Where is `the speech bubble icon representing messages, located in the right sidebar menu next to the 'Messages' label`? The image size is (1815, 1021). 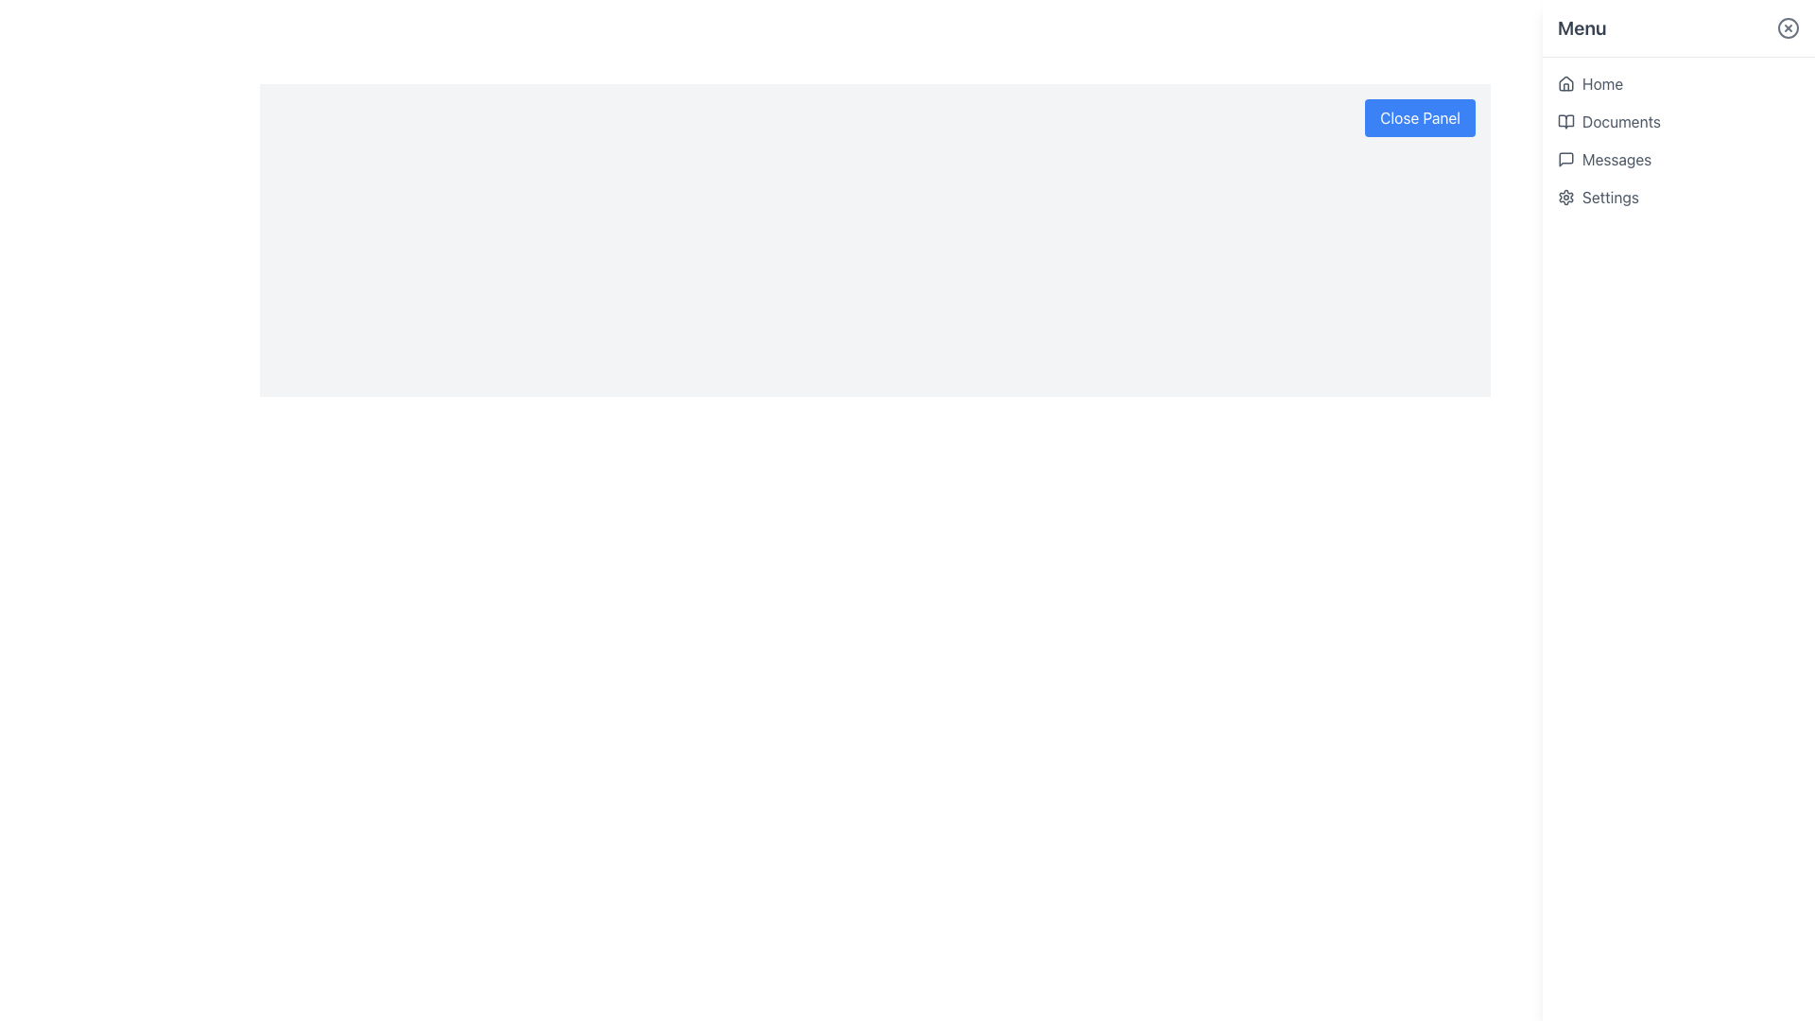 the speech bubble icon representing messages, located in the right sidebar menu next to the 'Messages' label is located at coordinates (1565, 159).